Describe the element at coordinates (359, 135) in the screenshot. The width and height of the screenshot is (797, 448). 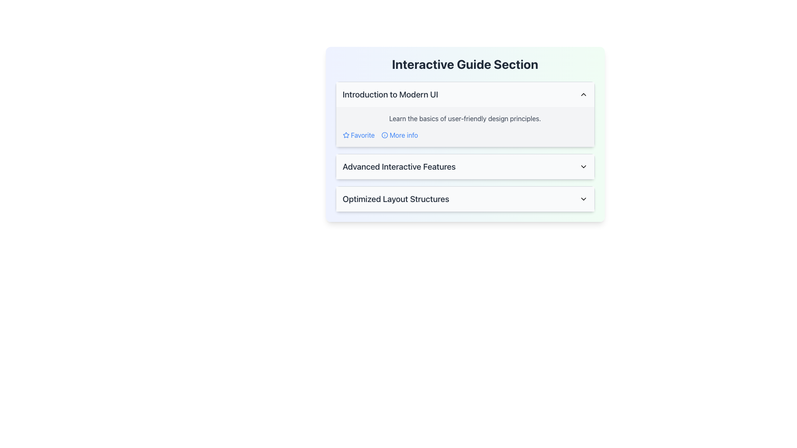
I see `the 'Favorite' hyperlink with a star icon` at that location.